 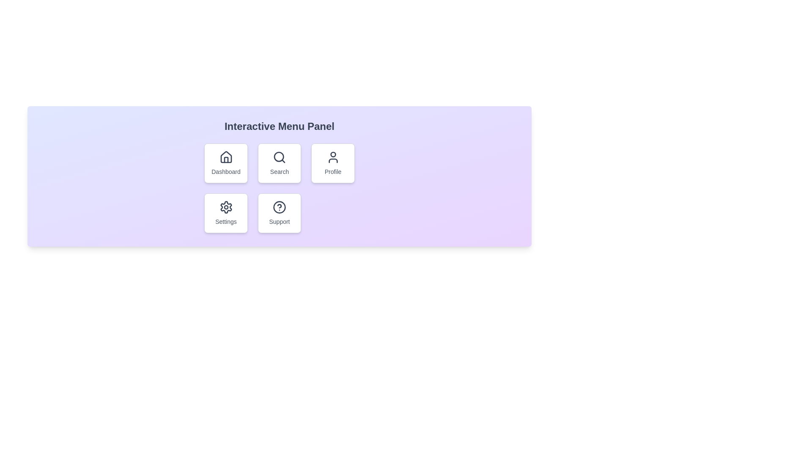 I want to click on the magnifying glass icon in the 'Interactive Menu Panel' to initiate a search, so click(x=280, y=157).